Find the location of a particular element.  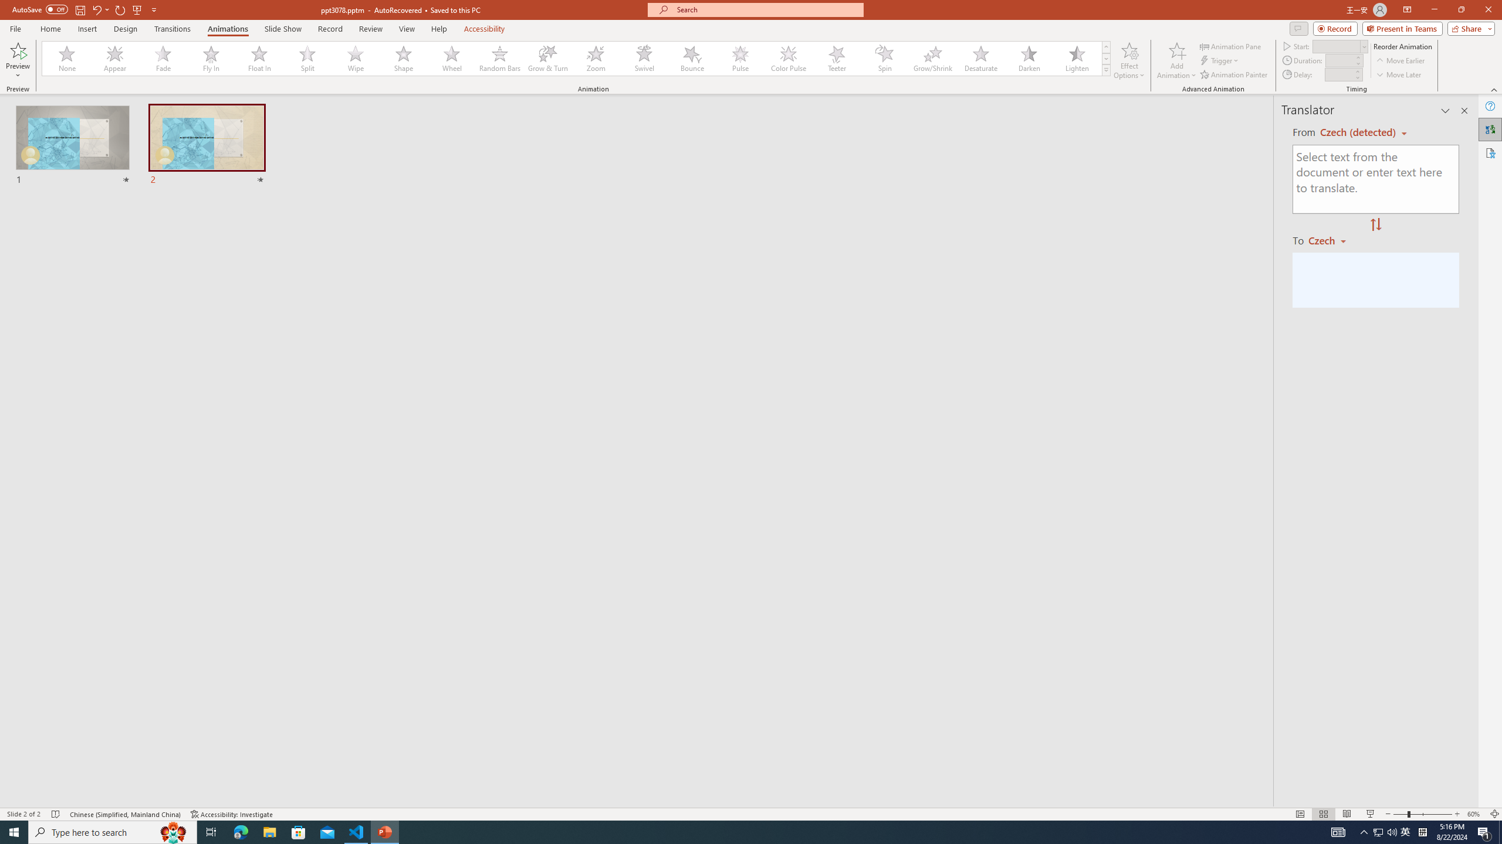

'Spin' is located at coordinates (884, 58).